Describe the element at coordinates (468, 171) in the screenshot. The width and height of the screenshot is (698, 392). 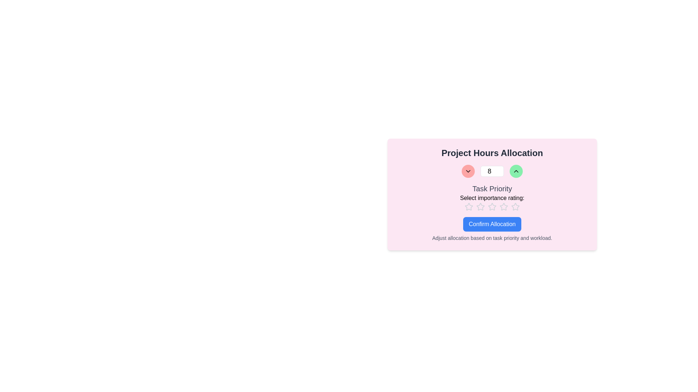
I see `the circular red dropdown button located to the left of the white number input field within the 'Project Hours Allocation' card UI component` at that location.